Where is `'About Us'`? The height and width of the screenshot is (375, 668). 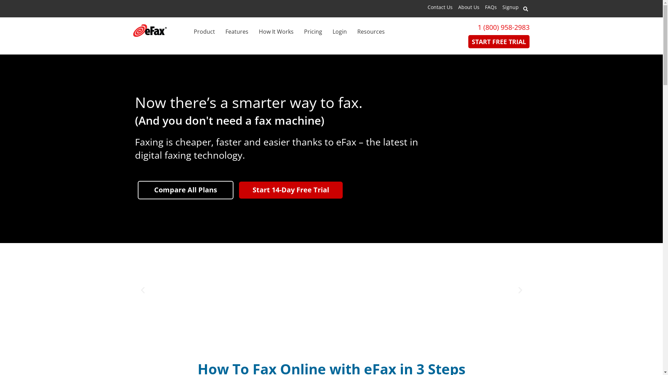
'About Us' is located at coordinates (468, 7).